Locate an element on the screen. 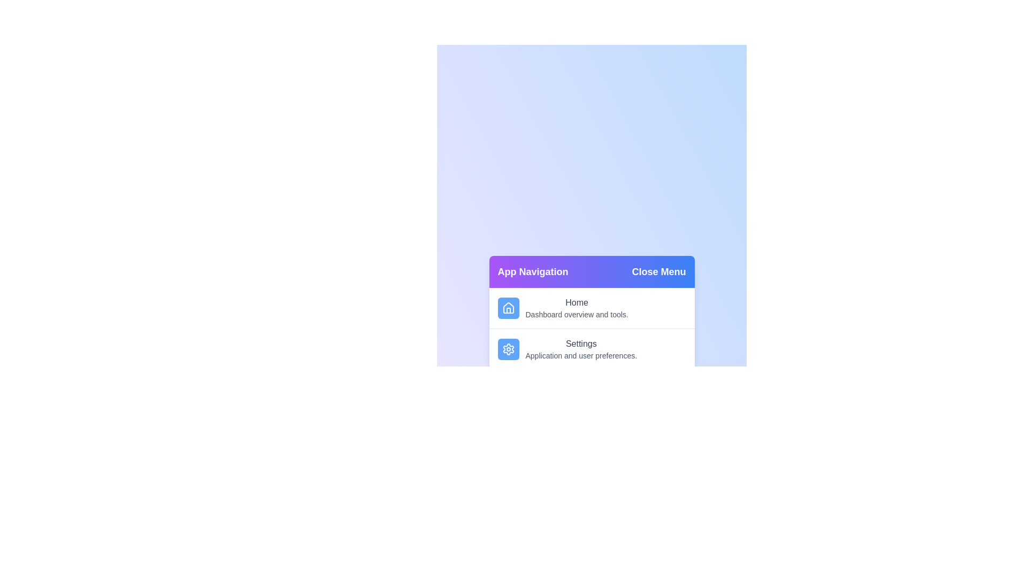 The width and height of the screenshot is (1027, 577). the 'Close Menu' button to toggle the menu state is located at coordinates (658, 271).